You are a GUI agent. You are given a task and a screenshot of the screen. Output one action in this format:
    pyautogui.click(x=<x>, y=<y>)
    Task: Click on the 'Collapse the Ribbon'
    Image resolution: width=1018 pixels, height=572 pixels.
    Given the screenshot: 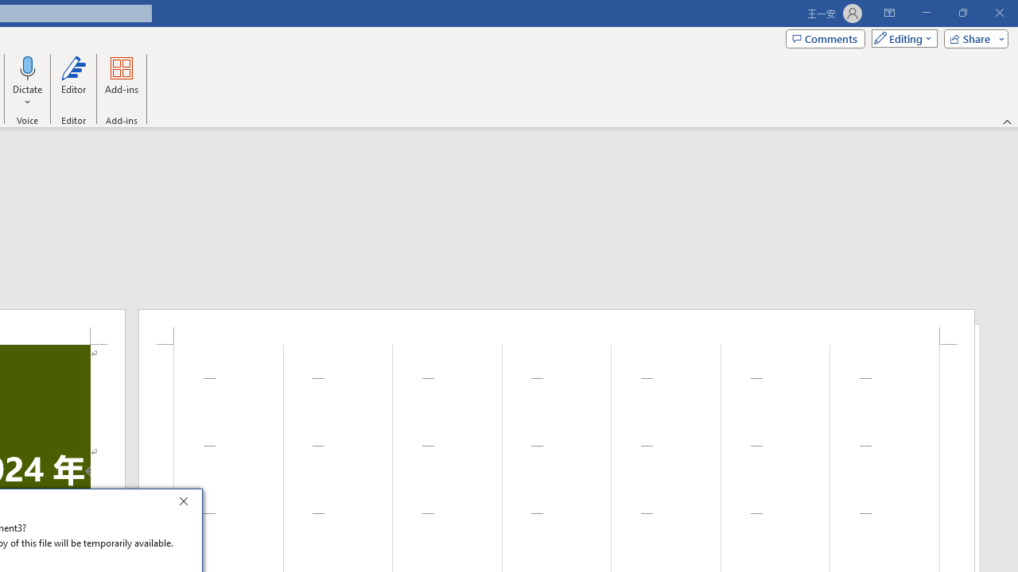 What is the action you would take?
    pyautogui.click(x=1007, y=121)
    